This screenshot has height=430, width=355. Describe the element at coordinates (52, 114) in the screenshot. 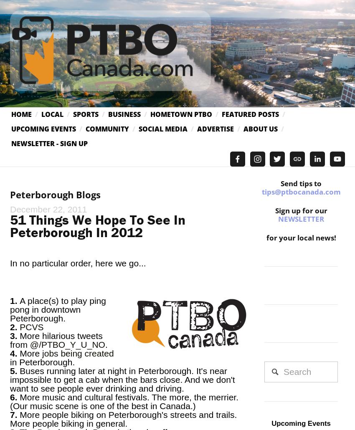

I see `'Local'` at that location.